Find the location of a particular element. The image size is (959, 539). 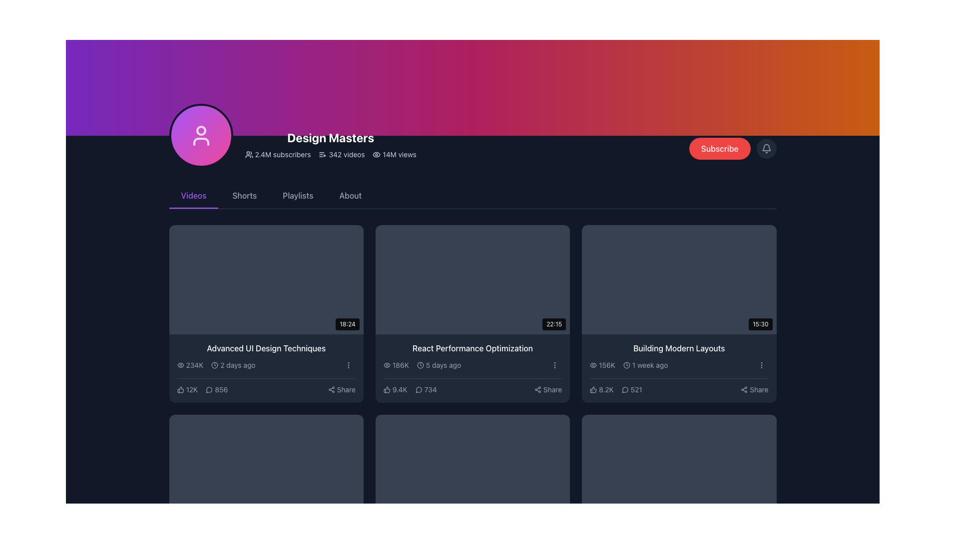

the comment count indicator, which is located to the right of the '9.4K' thumbs-up icon and to the left of the 'Share' text label in the bottom section of the middle card is located at coordinates (426, 389).